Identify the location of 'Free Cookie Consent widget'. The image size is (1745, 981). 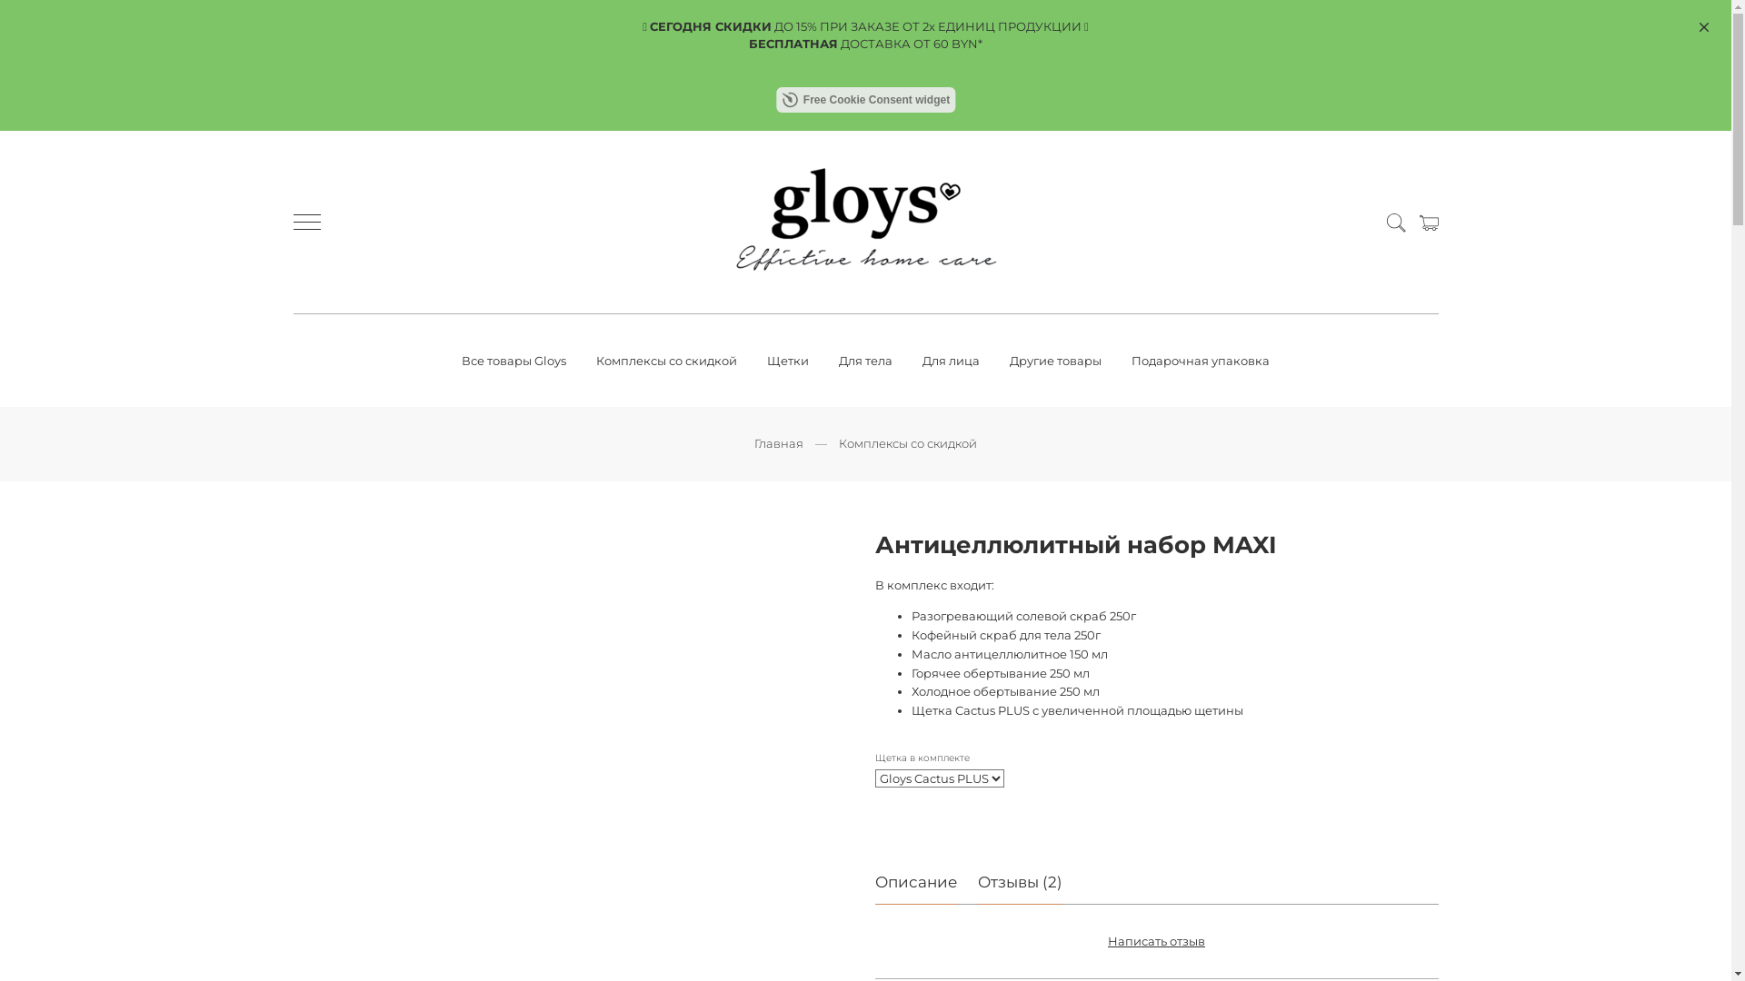
(864, 100).